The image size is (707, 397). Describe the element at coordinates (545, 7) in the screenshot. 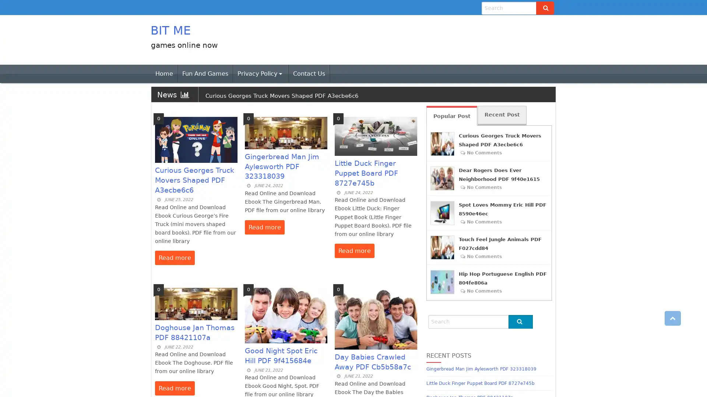

I see `Go` at that location.